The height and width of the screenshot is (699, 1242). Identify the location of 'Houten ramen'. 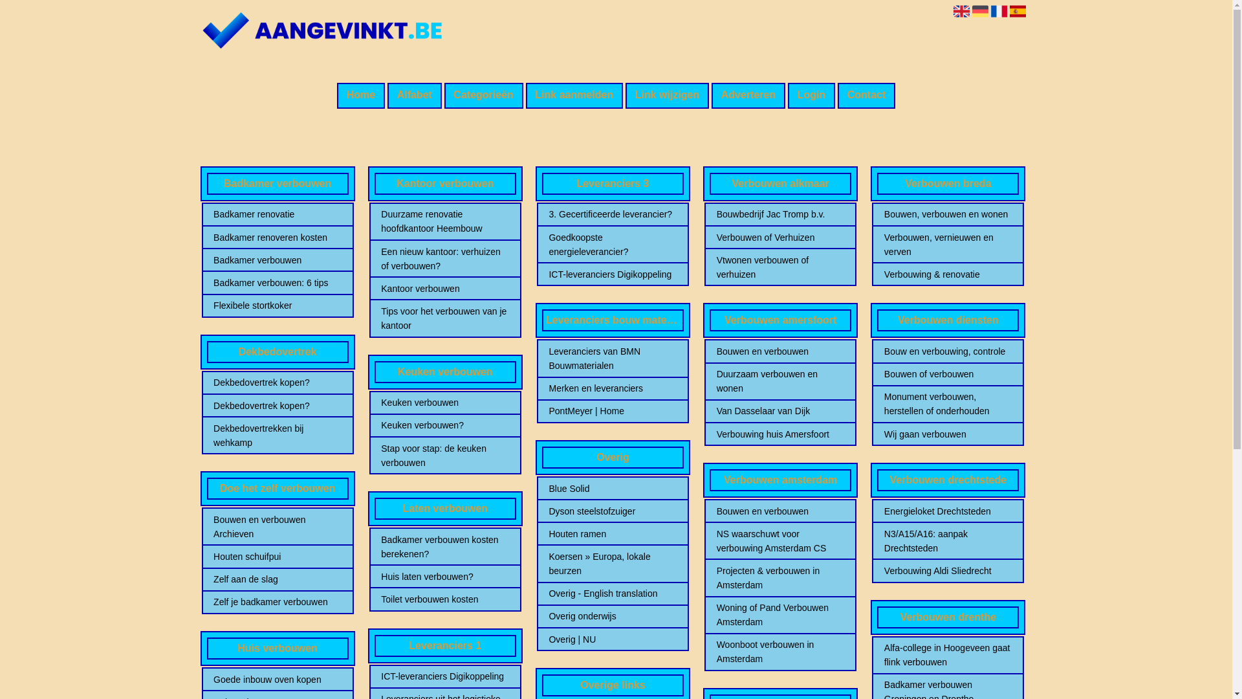
(611, 534).